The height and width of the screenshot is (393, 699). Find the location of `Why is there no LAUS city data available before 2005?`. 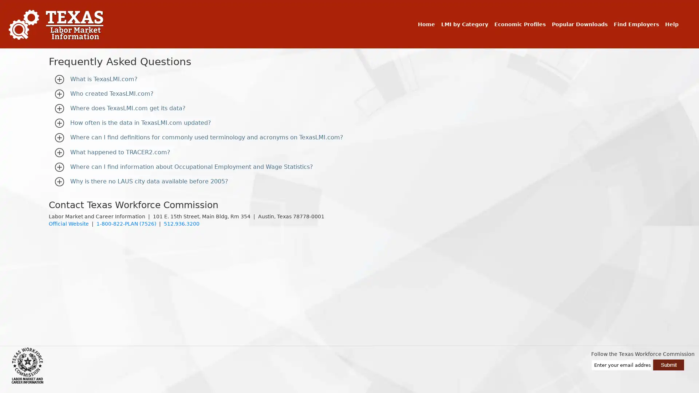

Why is there no LAUS city data available before 2005? is located at coordinates (349, 180).